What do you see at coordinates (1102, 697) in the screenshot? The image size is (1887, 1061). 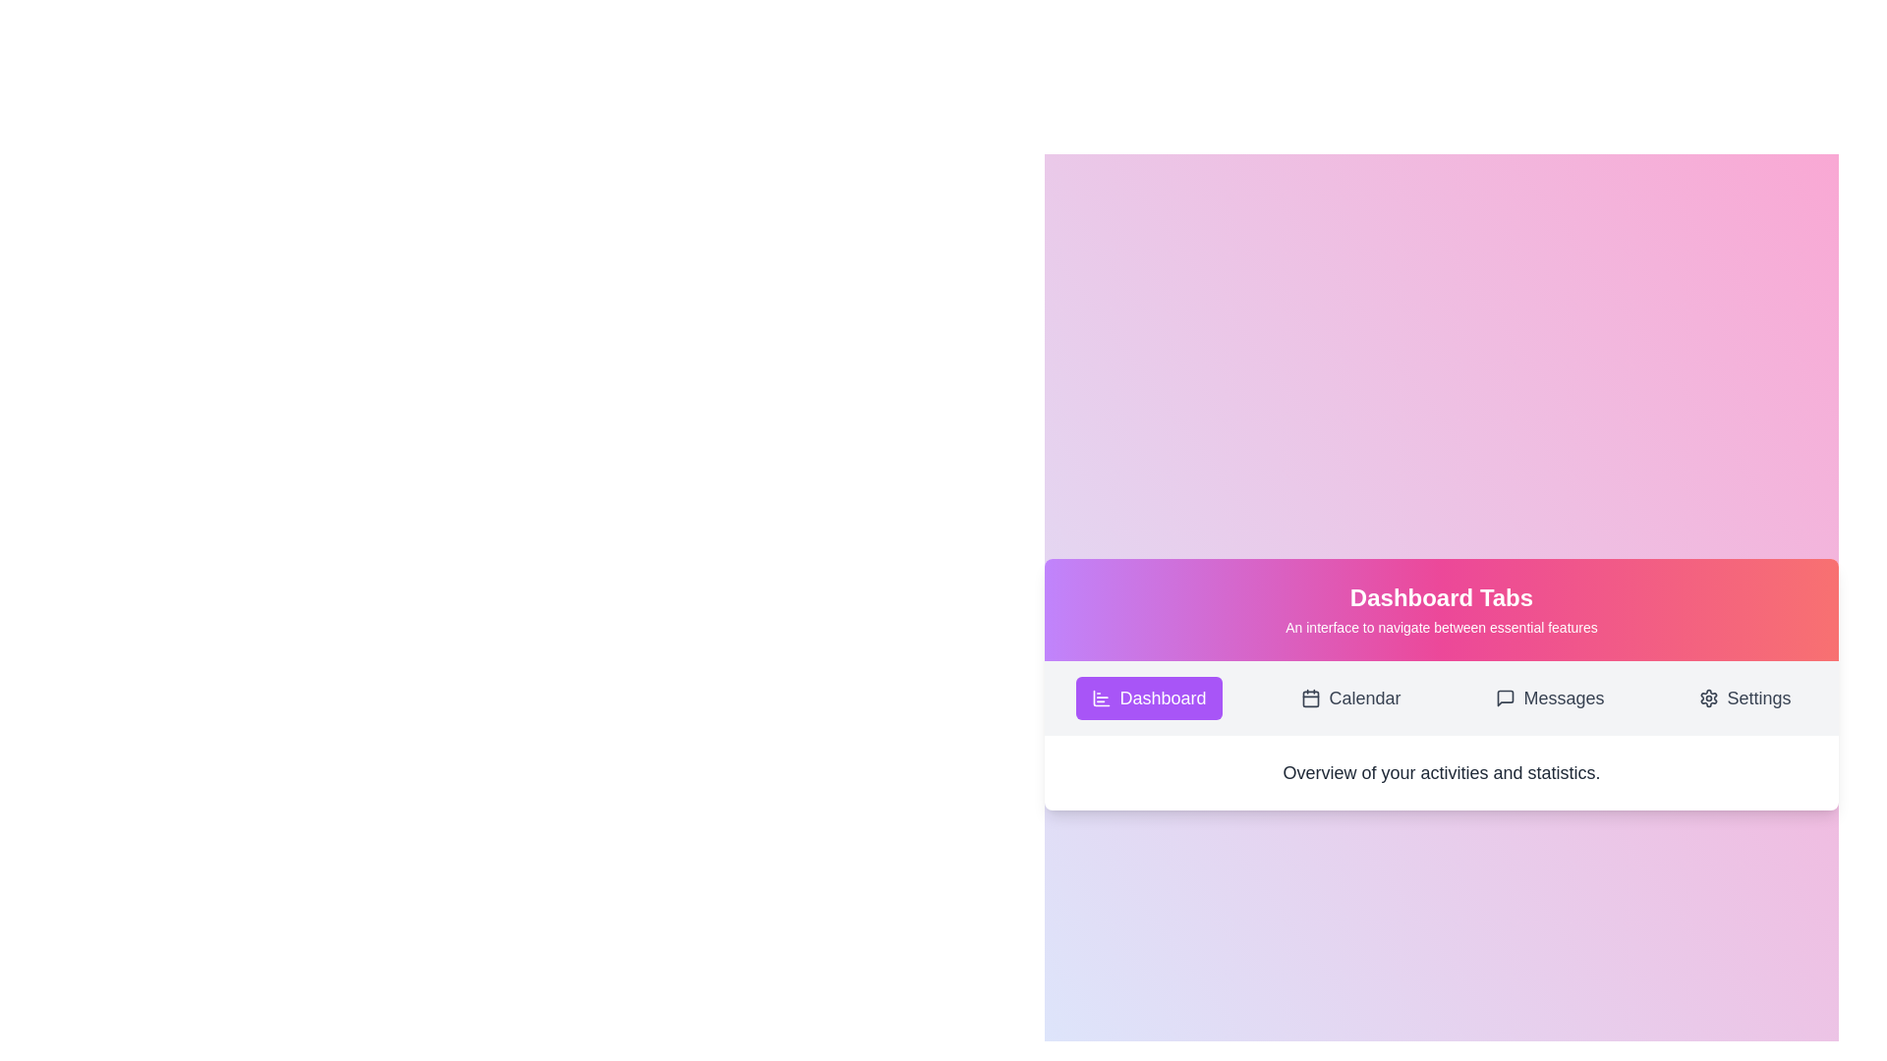 I see `the 'Dashboard' icon located at the leftmost position of the 'Dashboard' button in the tab navigation bar` at bounding box center [1102, 697].